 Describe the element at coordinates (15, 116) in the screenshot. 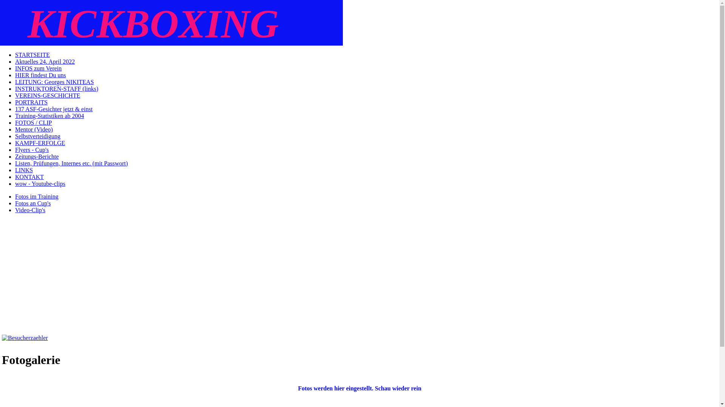

I see `'Training-Statistiken ab 2004'` at that location.